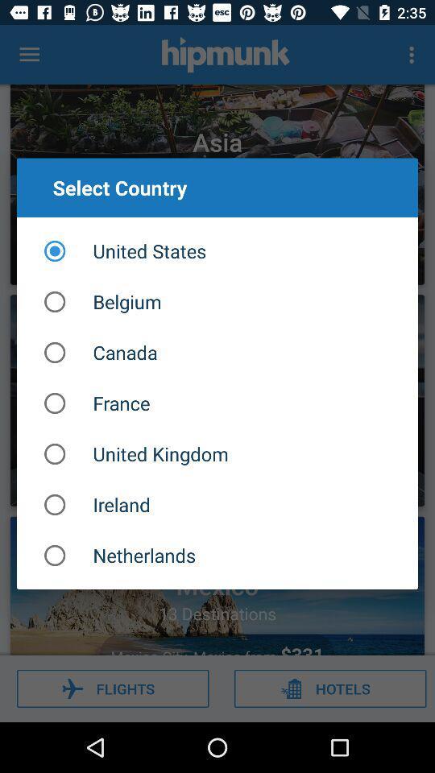 The image size is (435, 773). I want to click on the icon below united kingdom, so click(217, 503).